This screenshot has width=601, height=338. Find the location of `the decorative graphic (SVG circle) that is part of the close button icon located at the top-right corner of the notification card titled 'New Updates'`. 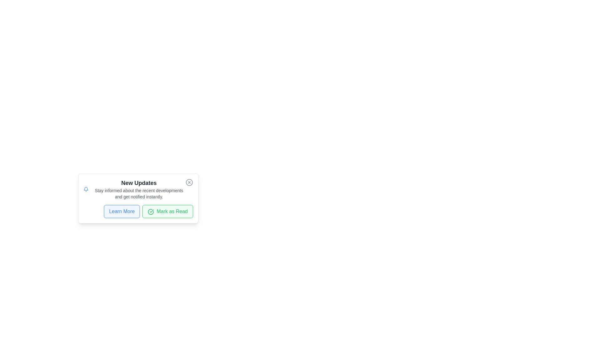

the decorative graphic (SVG circle) that is part of the close button icon located at the top-right corner of the notification card titled 'New Updates' is located at coordinates (189, 182).